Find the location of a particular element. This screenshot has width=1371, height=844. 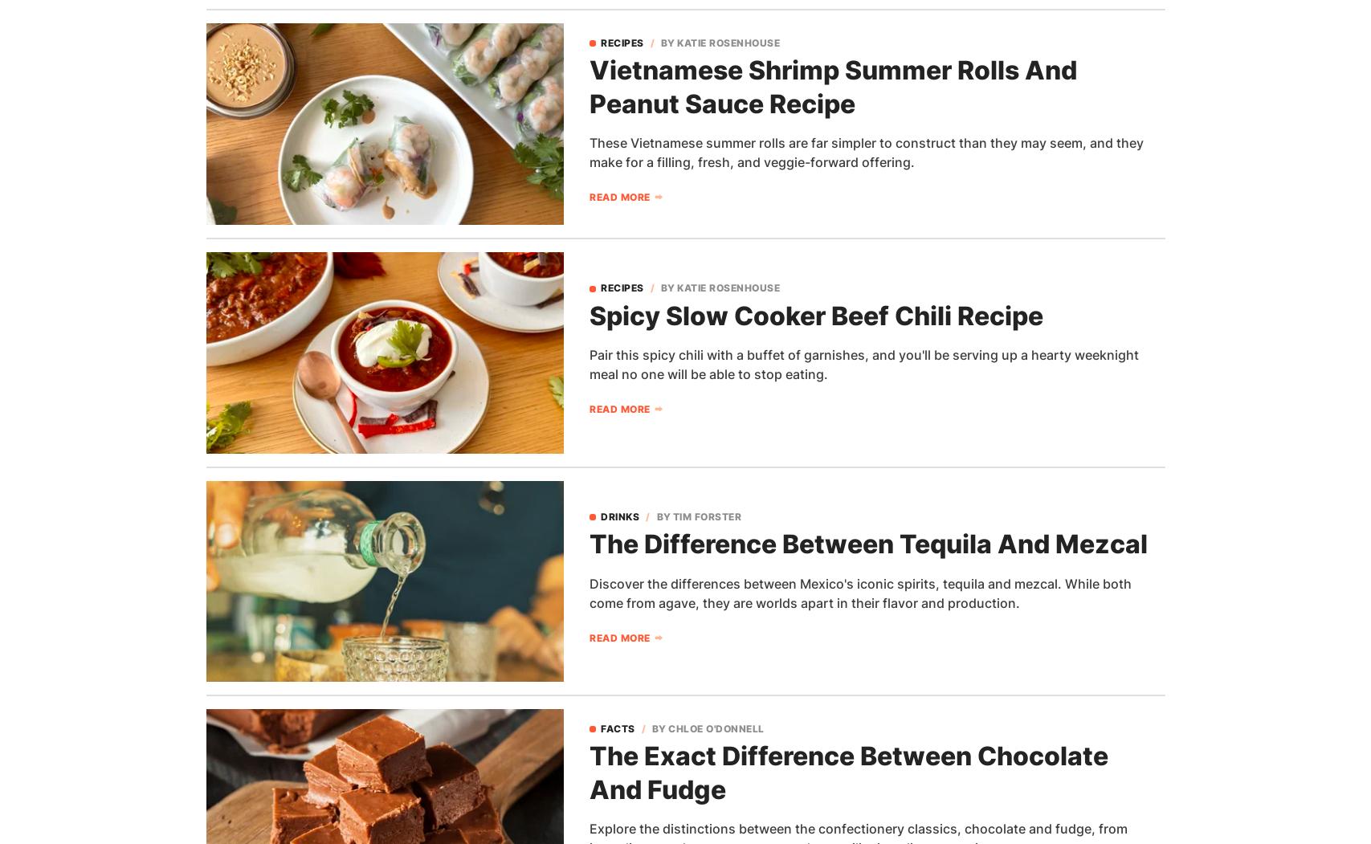

'The Exact Difference Between Chocolate And Fudge' is located at coordinates (847, 771).